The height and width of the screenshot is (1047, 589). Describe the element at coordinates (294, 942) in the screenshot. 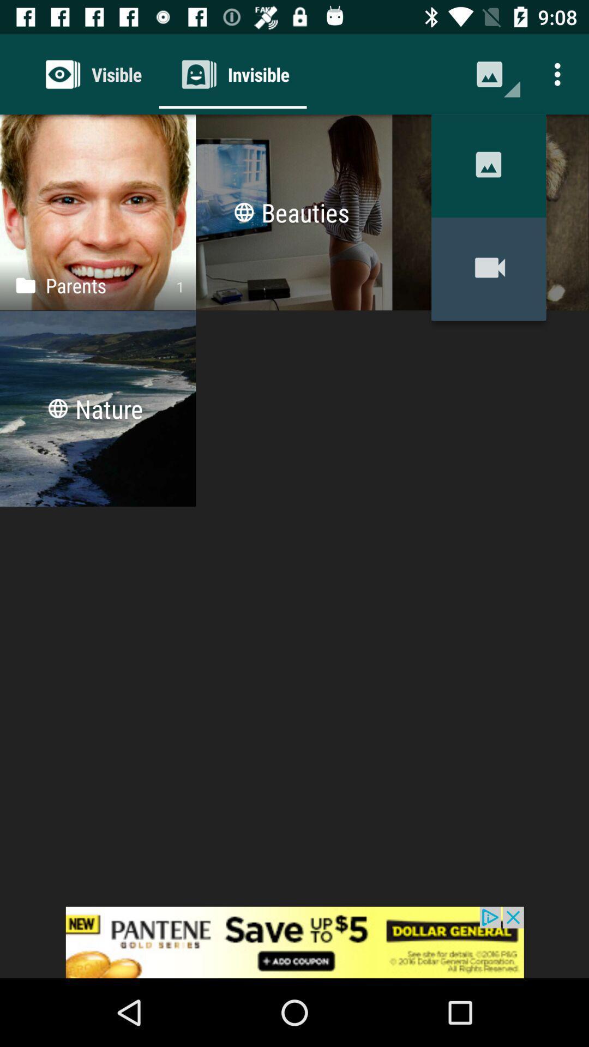

I see `advertisement page` at that location.